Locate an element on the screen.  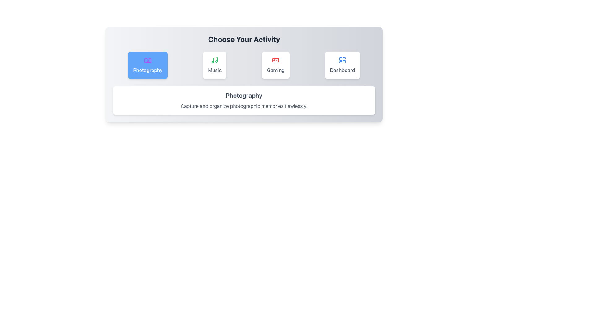
the descriptive text label under the 'Photography' card in the 'Choose Your Activity' section is located at coordinates (243, 106).